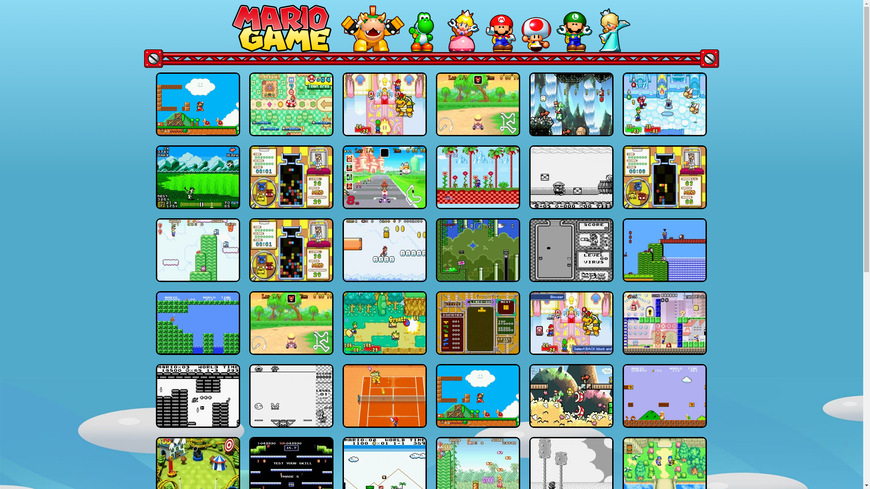 The width and height of the screenshot is (870, 489). What do you see at coordinates (571, 468) in the screenshot?
I see `'Super Mario Land 2:6 Golden Coins'` at bounding box center [571, 468].